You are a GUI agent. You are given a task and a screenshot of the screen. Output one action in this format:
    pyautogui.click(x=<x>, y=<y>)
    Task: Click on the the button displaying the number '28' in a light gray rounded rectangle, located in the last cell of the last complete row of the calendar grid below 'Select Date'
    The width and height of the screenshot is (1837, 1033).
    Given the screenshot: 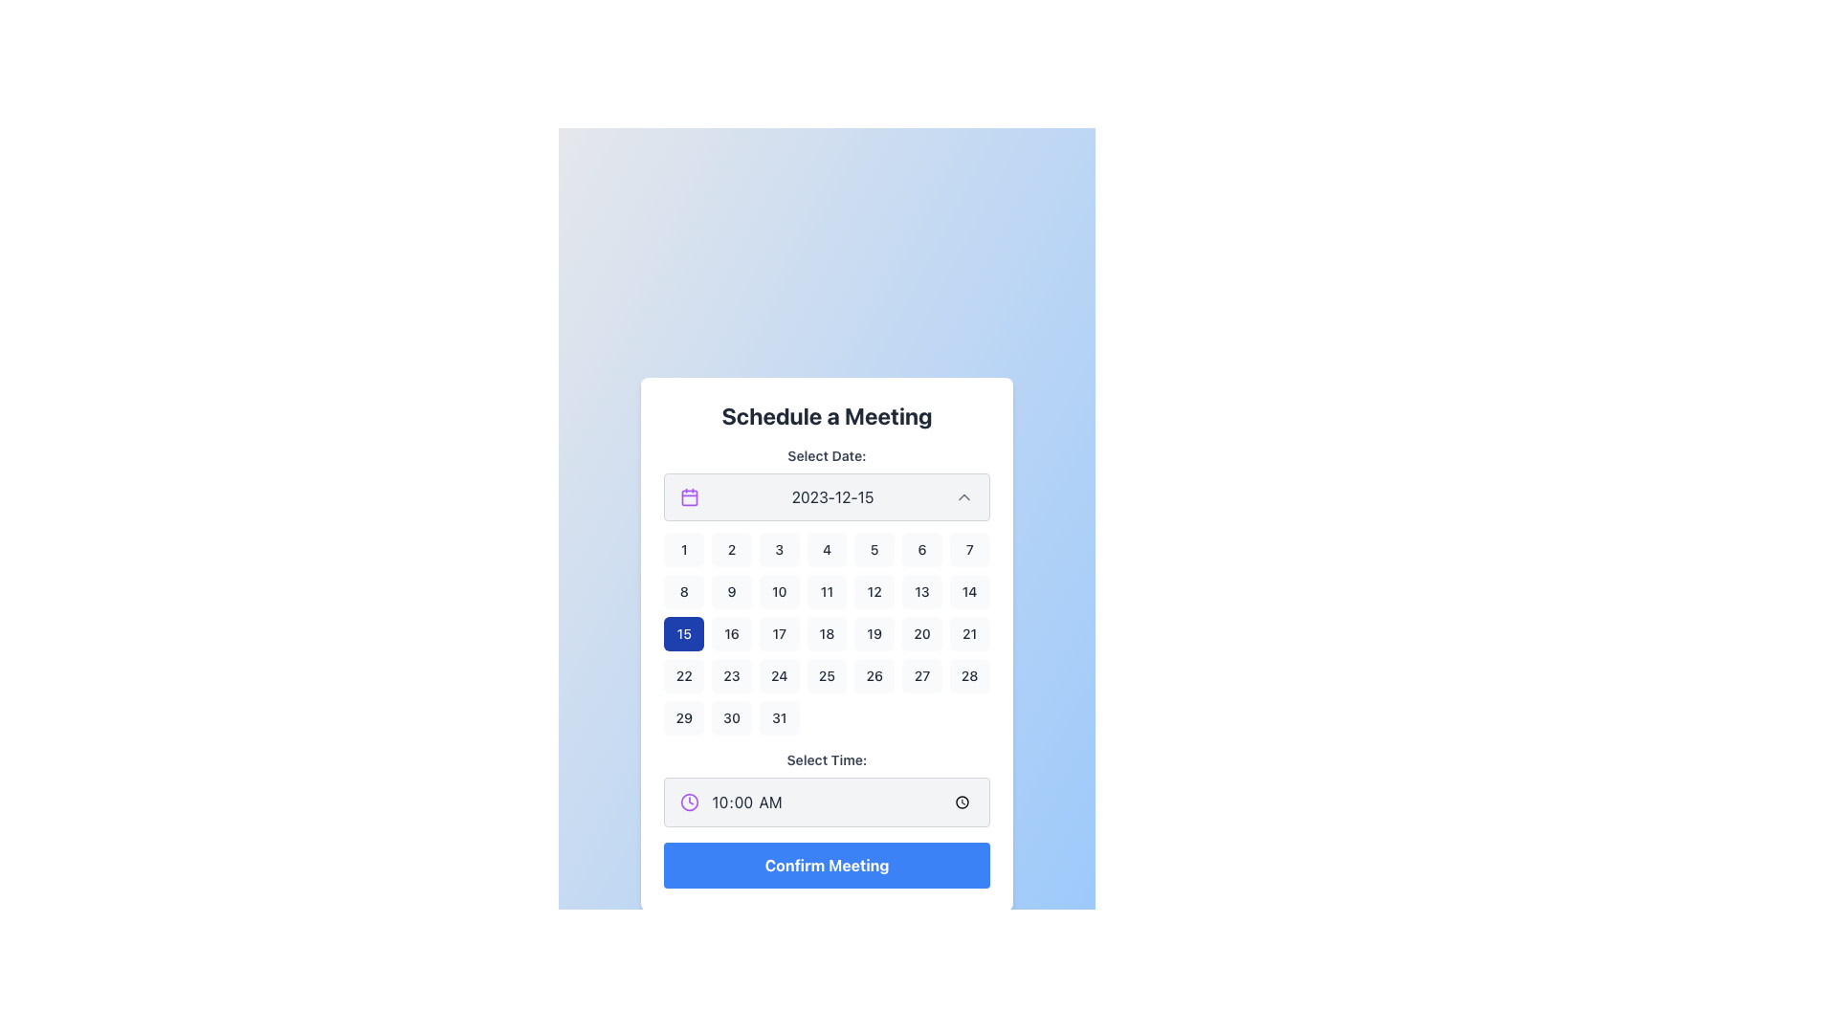 What is the action you would take?
    pyautogui.click(x=969, y=674)
    